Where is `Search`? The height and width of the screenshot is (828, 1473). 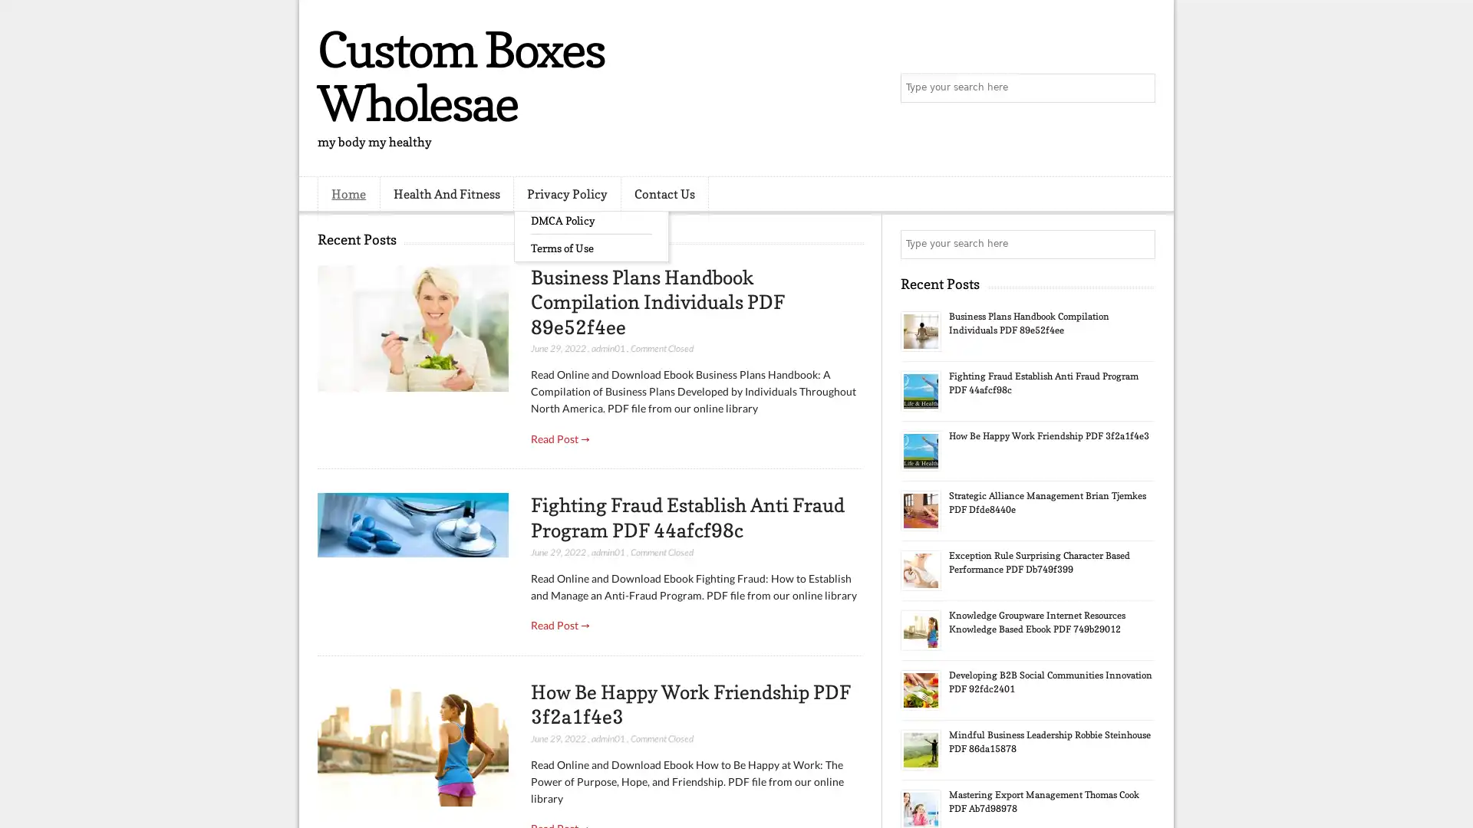 Search is located at coordinates (1139, 244).